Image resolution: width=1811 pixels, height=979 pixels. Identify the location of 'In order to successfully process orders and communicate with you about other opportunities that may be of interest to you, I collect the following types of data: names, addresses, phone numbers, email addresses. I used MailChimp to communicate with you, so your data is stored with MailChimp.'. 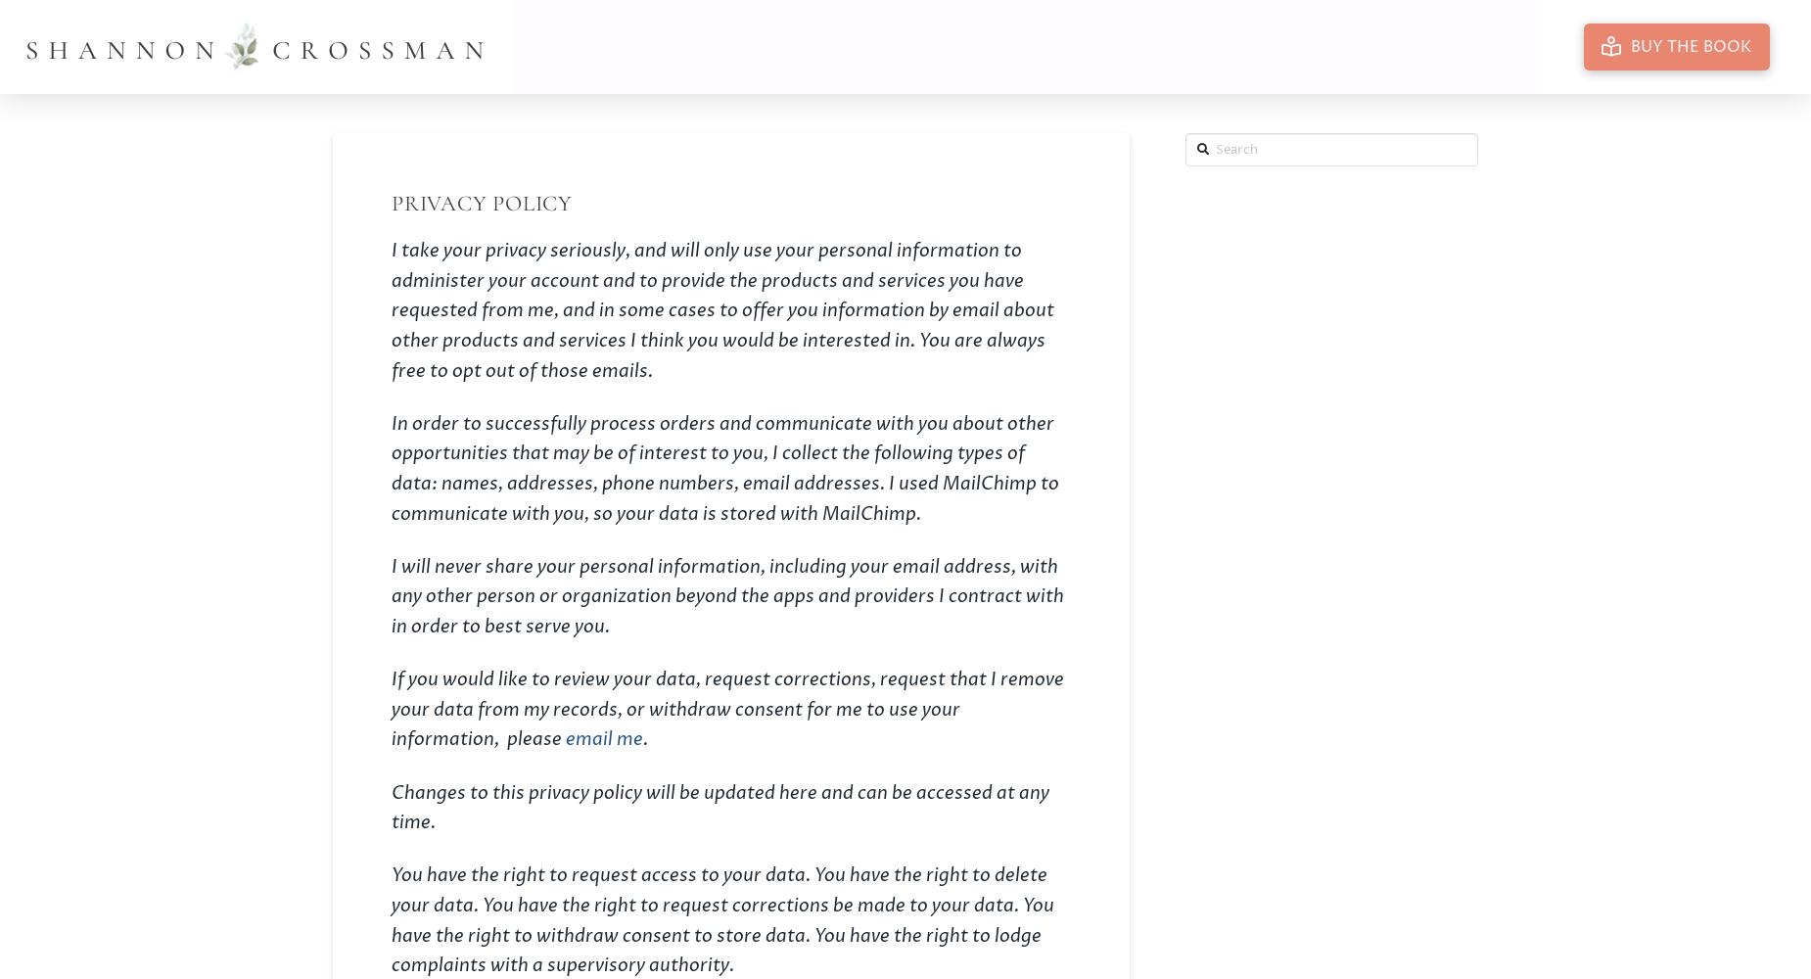
(390, 467).